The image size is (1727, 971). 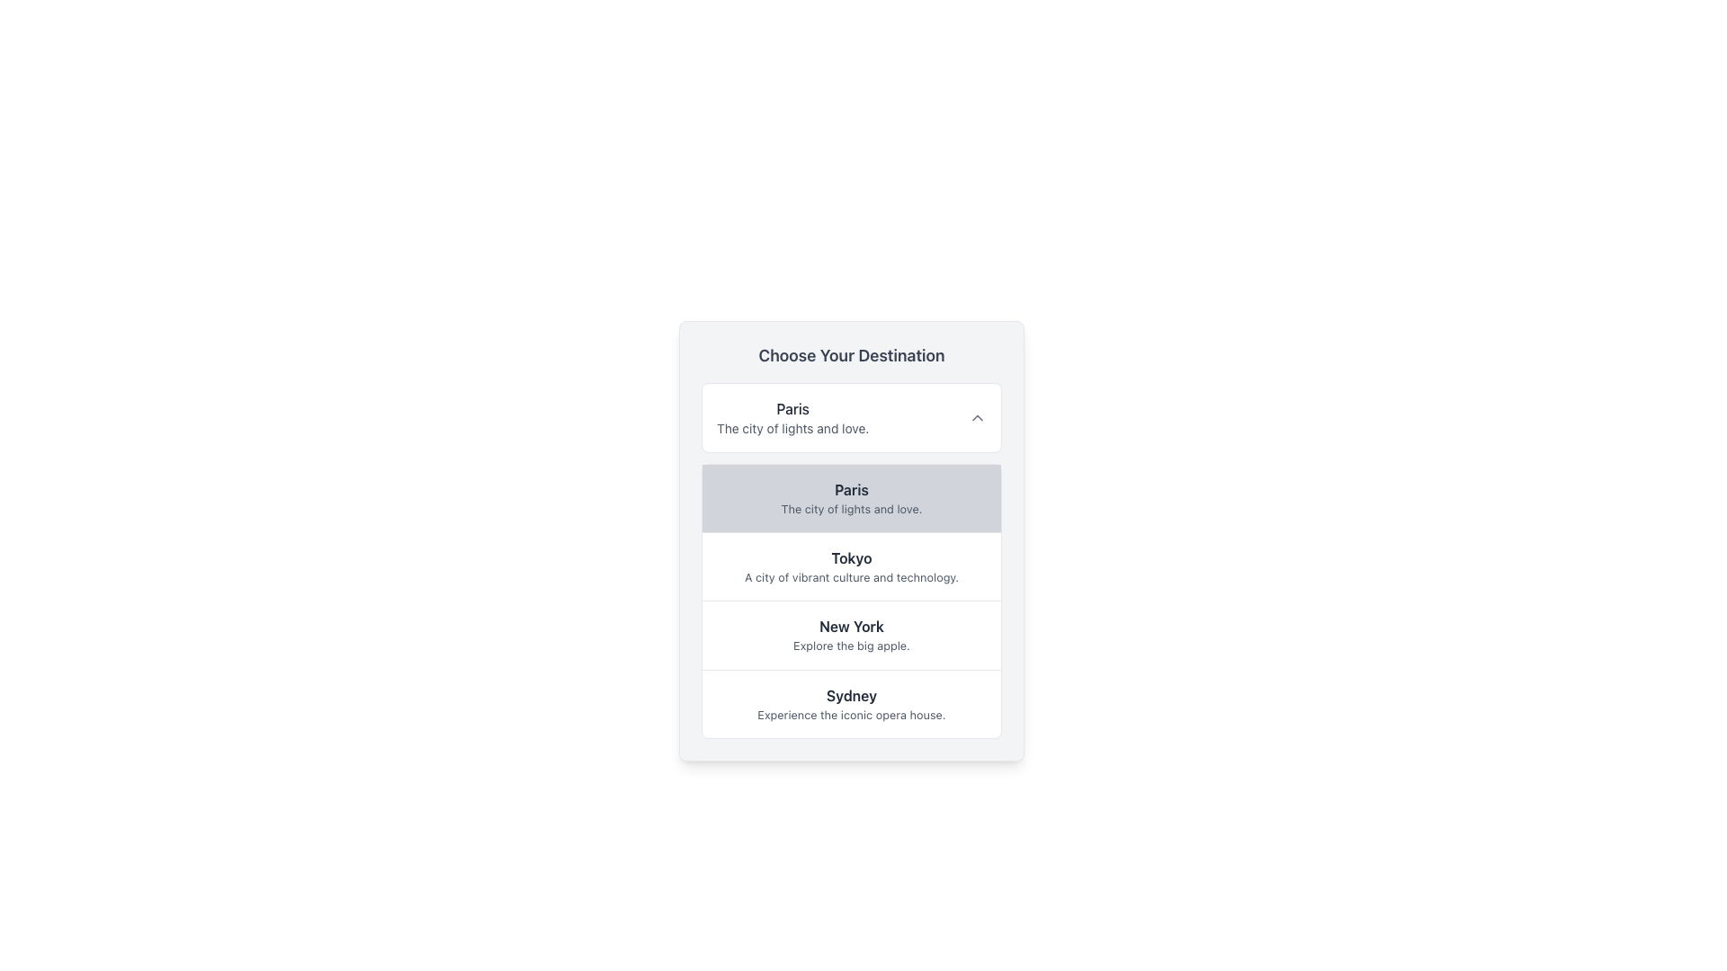 I want to click on the text label displaying 'Paris' in the 'Choose Your Destination' list, so click(x=792, y=418).